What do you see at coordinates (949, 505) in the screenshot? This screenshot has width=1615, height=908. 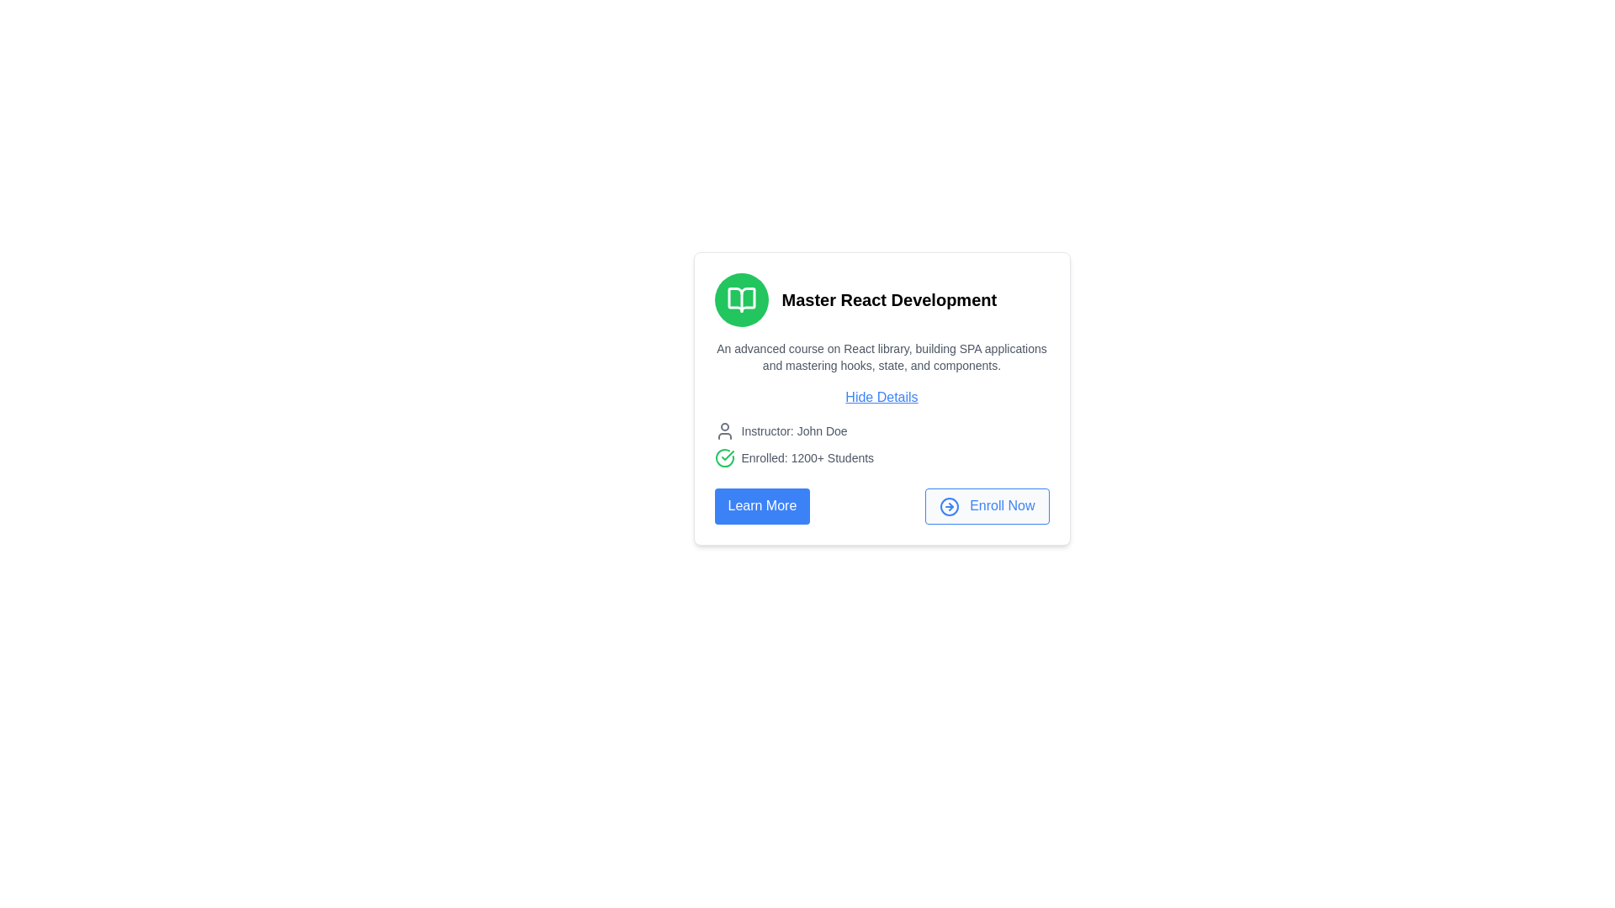 I see `the SVG graphic icon located inside the 'Enroll Now' button, positioned at the bottom-right of the card layout, to the immediate left of the button's text` at bounding box center [949, 505].